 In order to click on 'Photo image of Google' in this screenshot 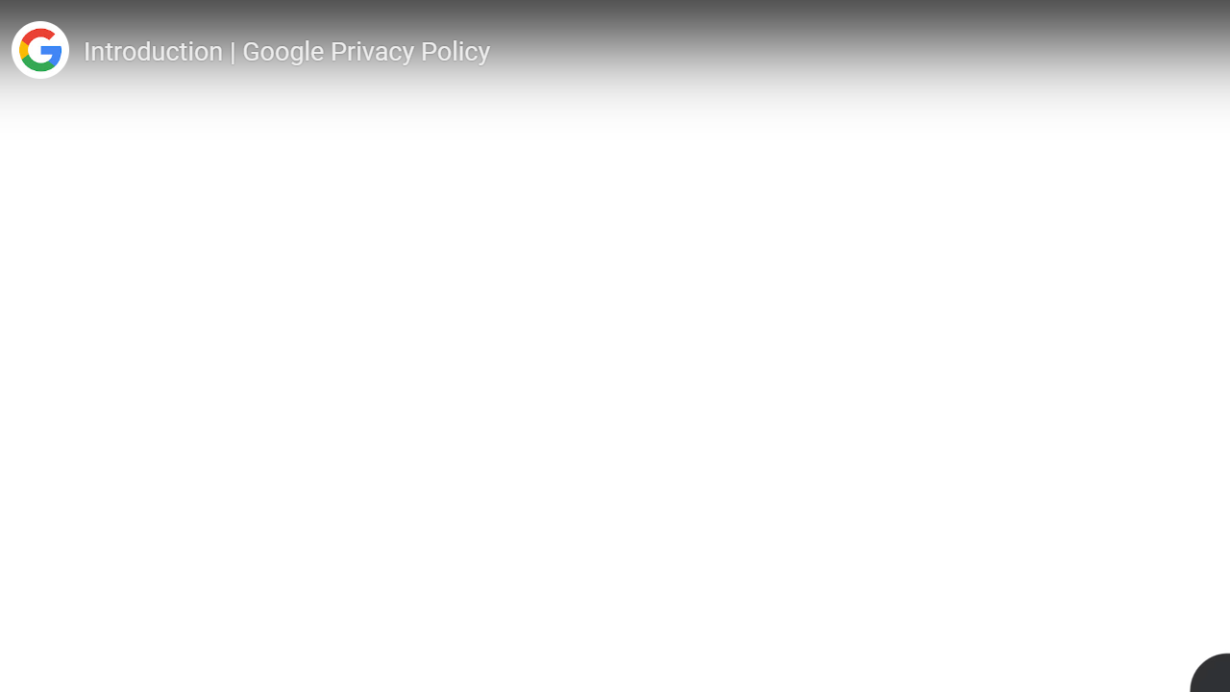, I will do `click(39, 49)`.